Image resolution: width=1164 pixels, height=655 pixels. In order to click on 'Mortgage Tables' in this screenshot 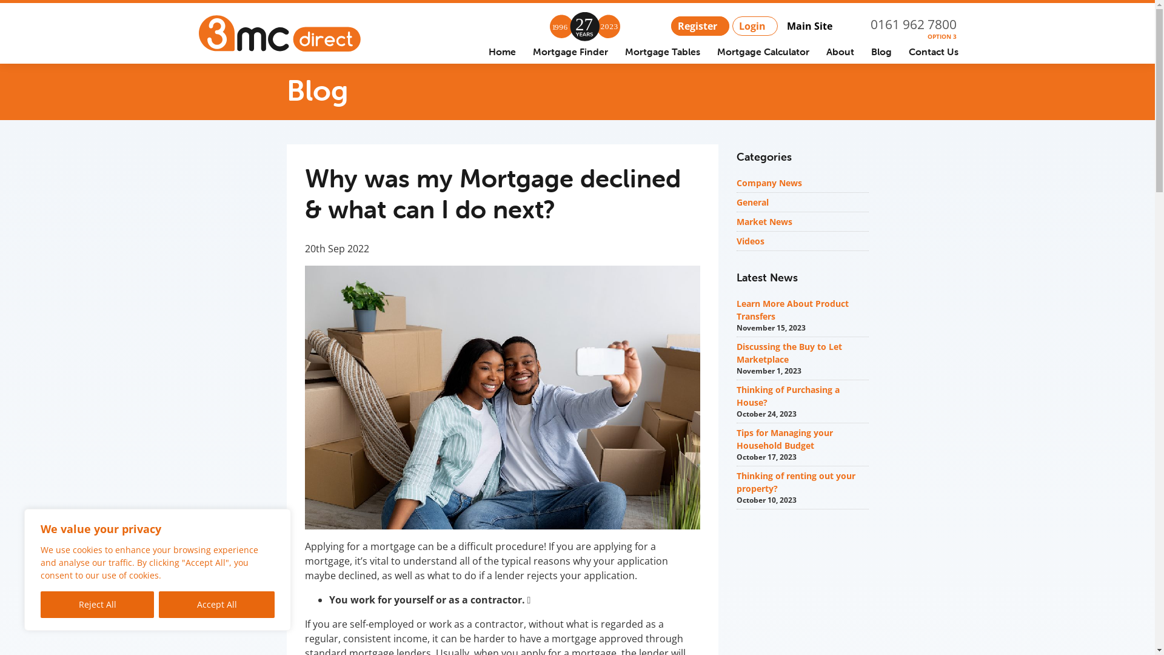, I will do `click(661, 50)`.